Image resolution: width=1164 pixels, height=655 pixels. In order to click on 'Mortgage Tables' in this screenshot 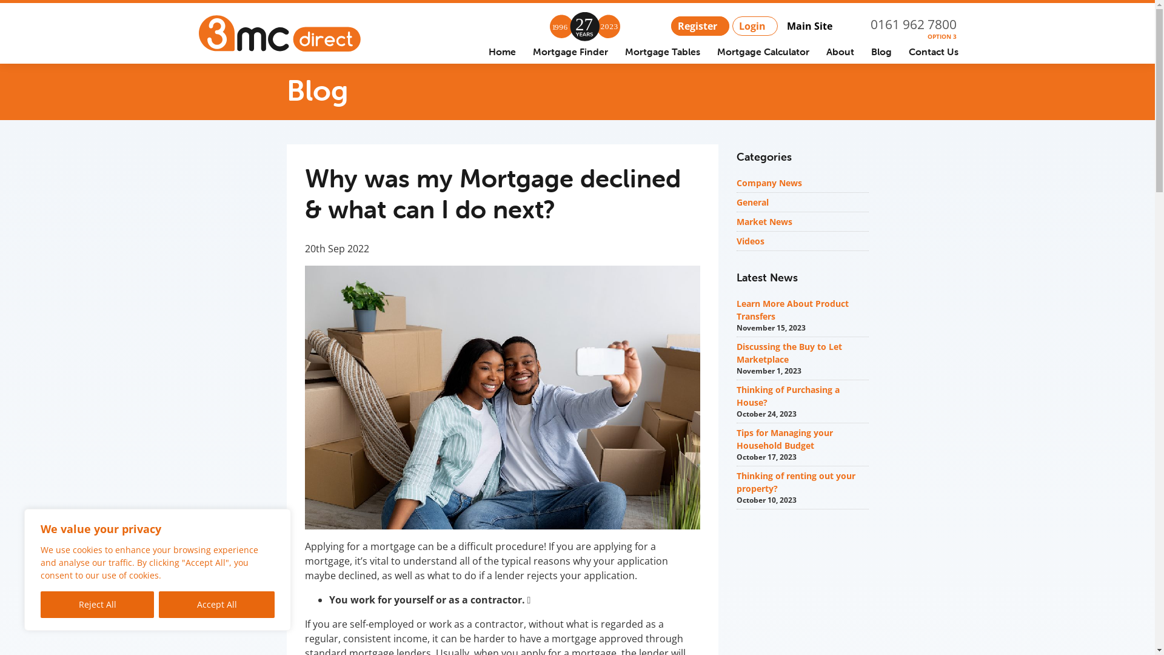, I will do `click(661, 50)`.